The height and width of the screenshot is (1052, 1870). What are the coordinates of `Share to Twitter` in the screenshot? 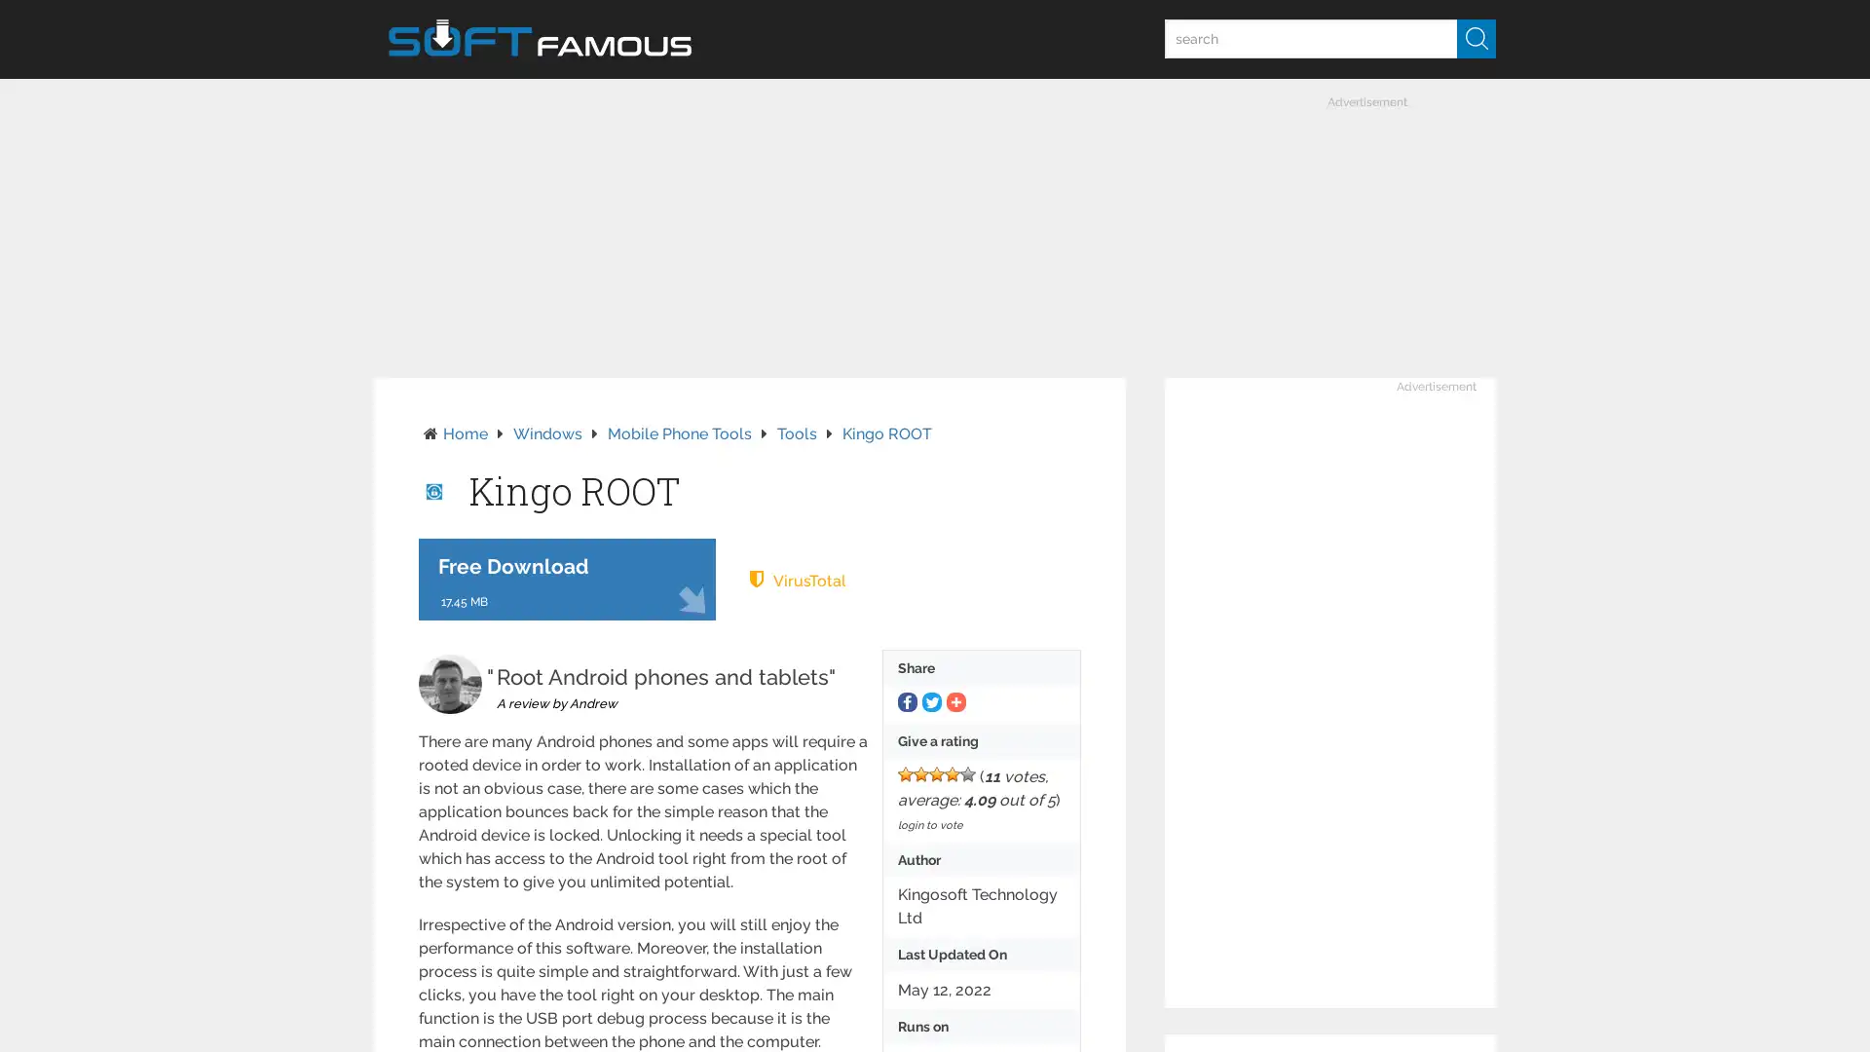 It's located at (930, 701).